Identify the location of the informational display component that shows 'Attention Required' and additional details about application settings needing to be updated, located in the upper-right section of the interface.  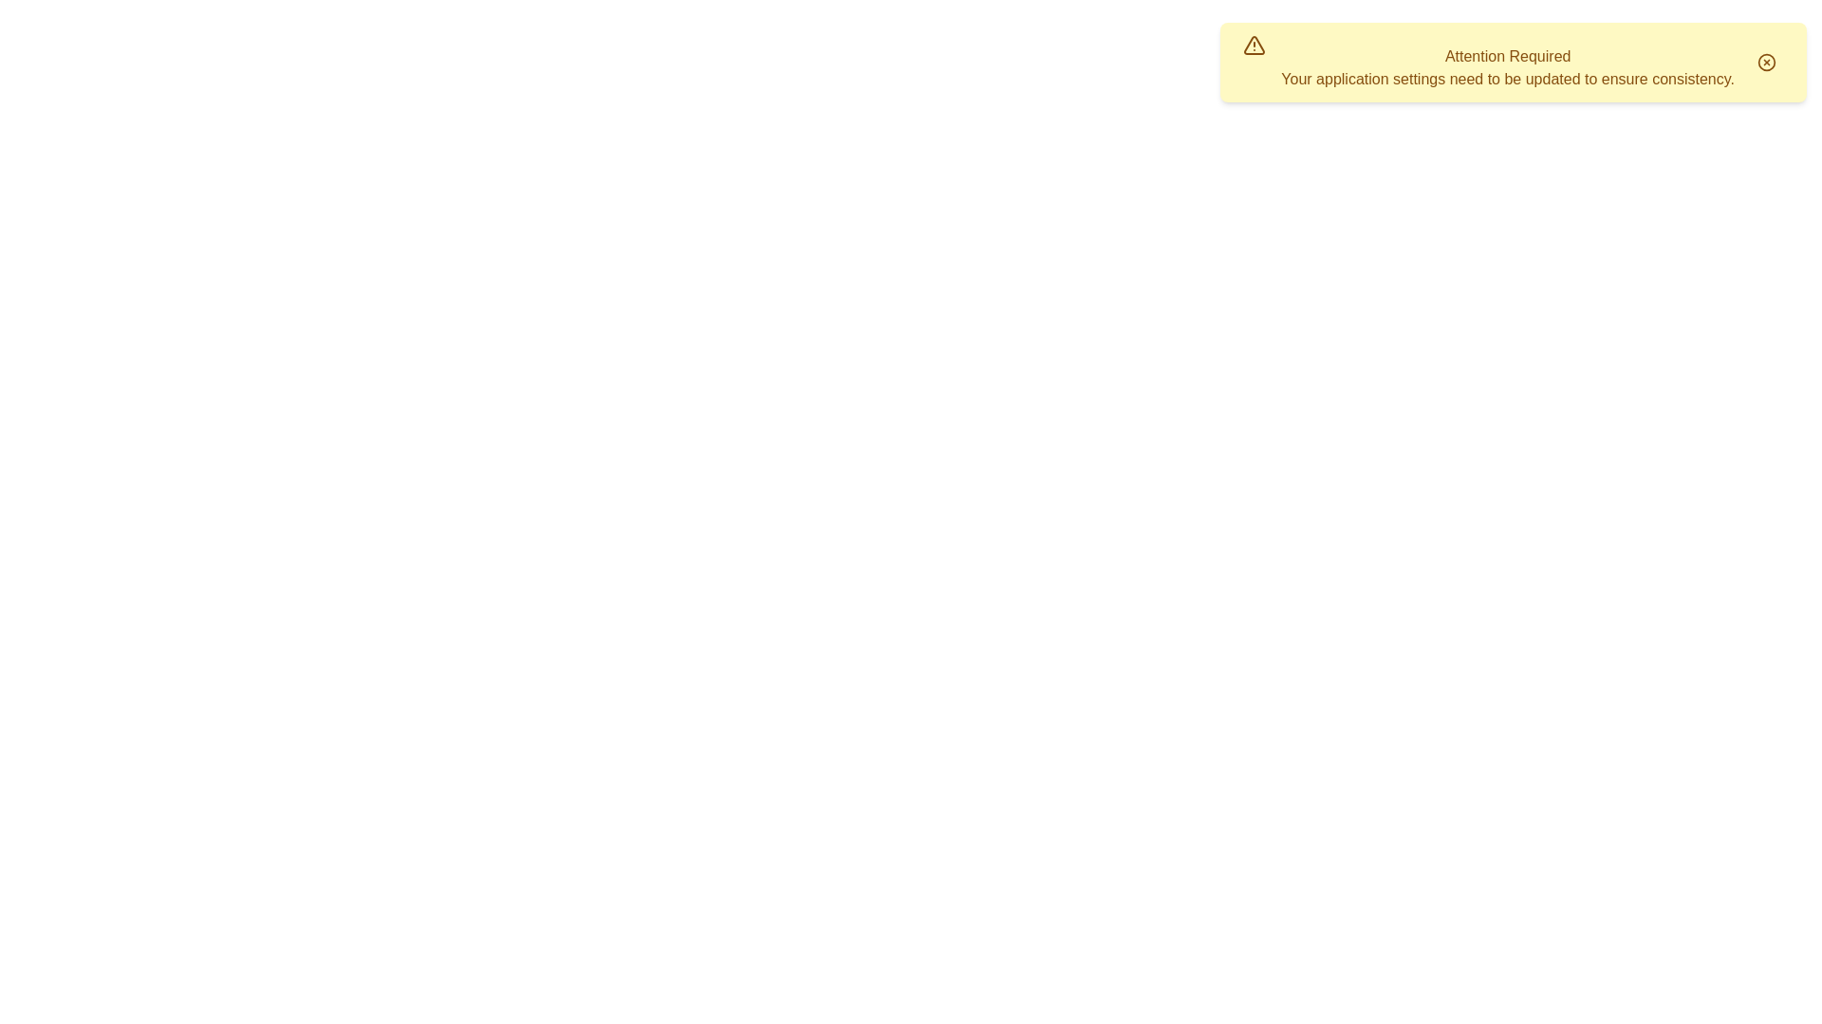
(1507, 67).